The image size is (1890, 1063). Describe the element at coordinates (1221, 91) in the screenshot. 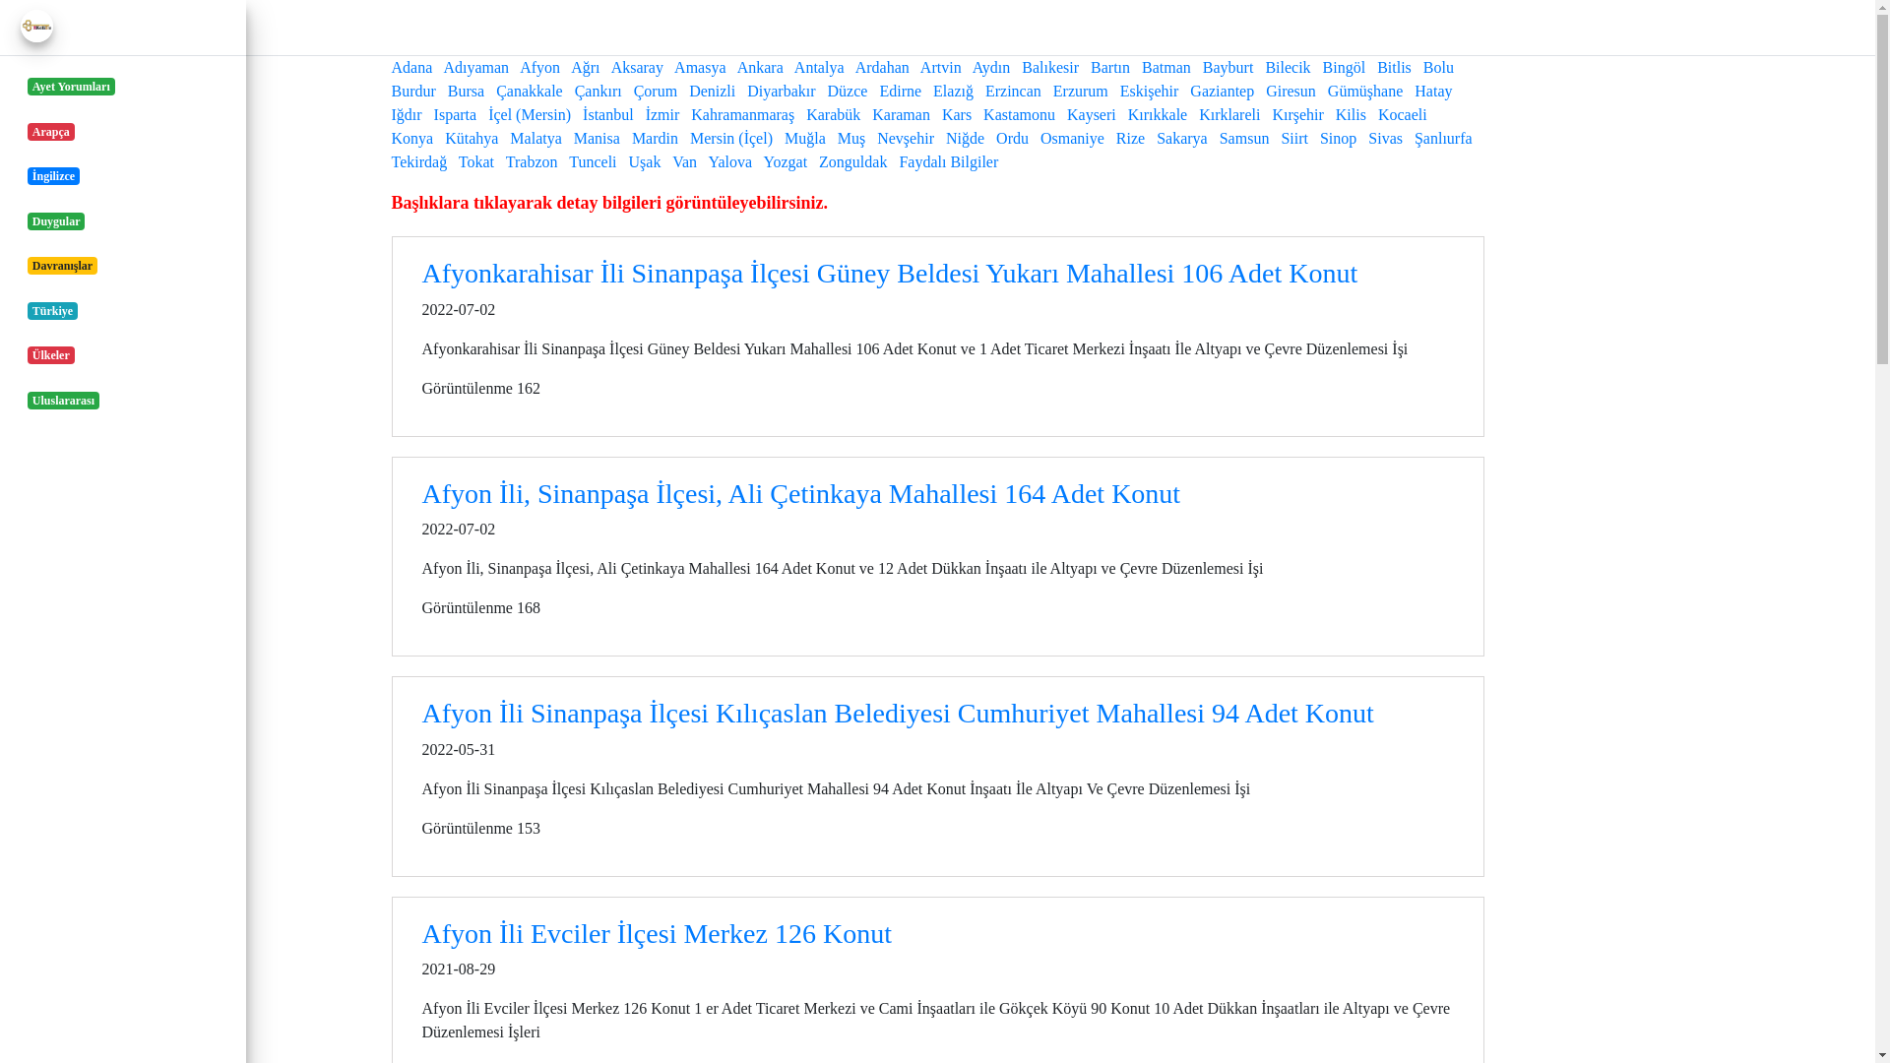

I see `'Gaziantep'` at that location.